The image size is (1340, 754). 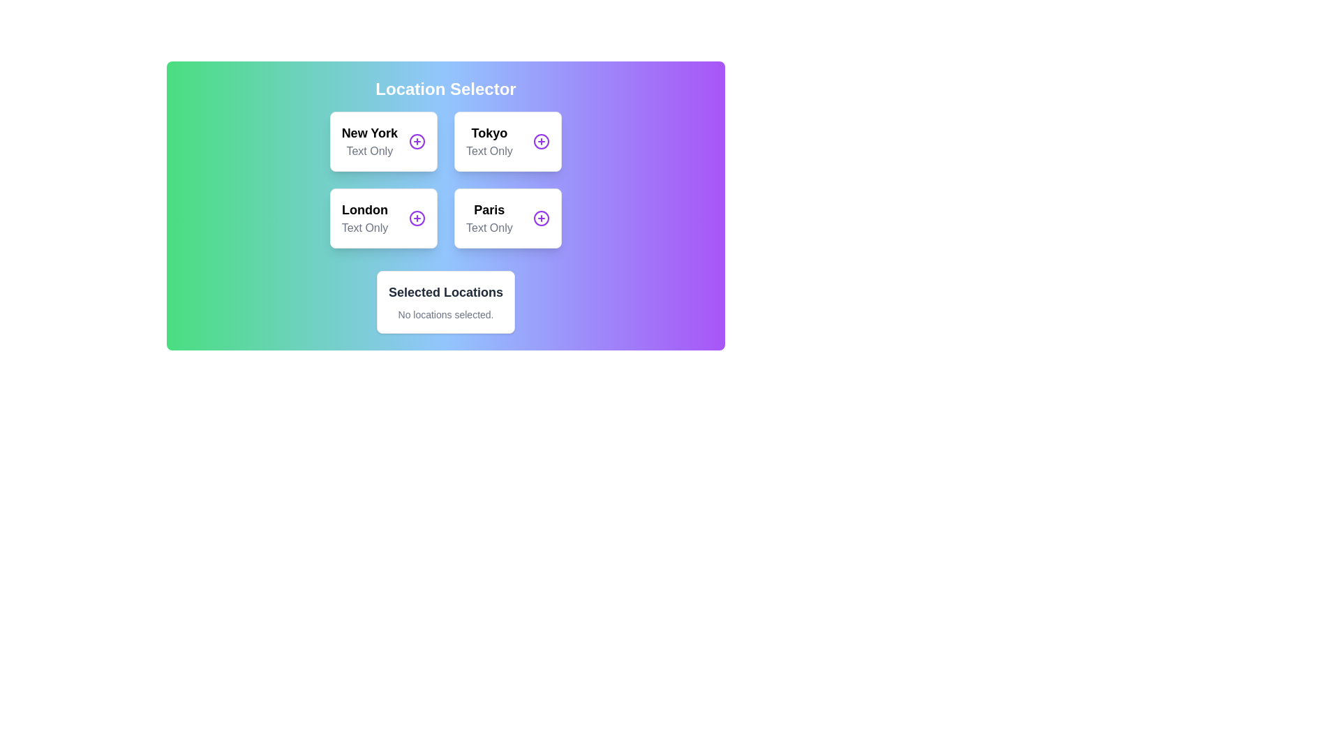 I want to click on the Informative panel titled 'Selected Locations' which is a white, rounded rectangular box containing the message 'No locations selected.', so click(x=445, y=301).